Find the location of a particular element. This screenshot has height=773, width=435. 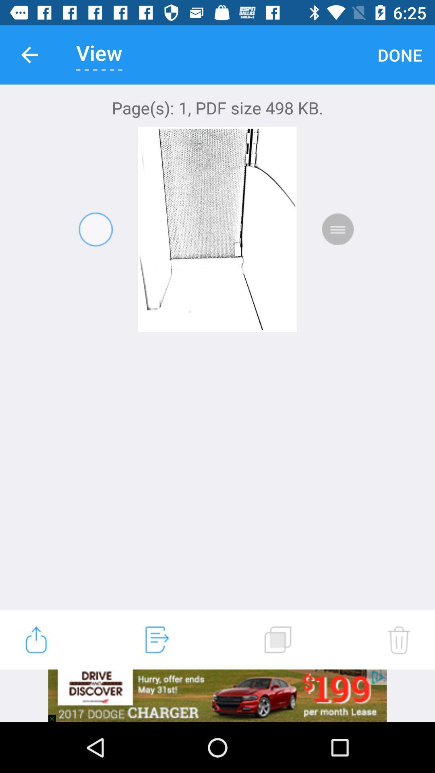

the icon to the left of view icon is located at coordinates (29, 54).